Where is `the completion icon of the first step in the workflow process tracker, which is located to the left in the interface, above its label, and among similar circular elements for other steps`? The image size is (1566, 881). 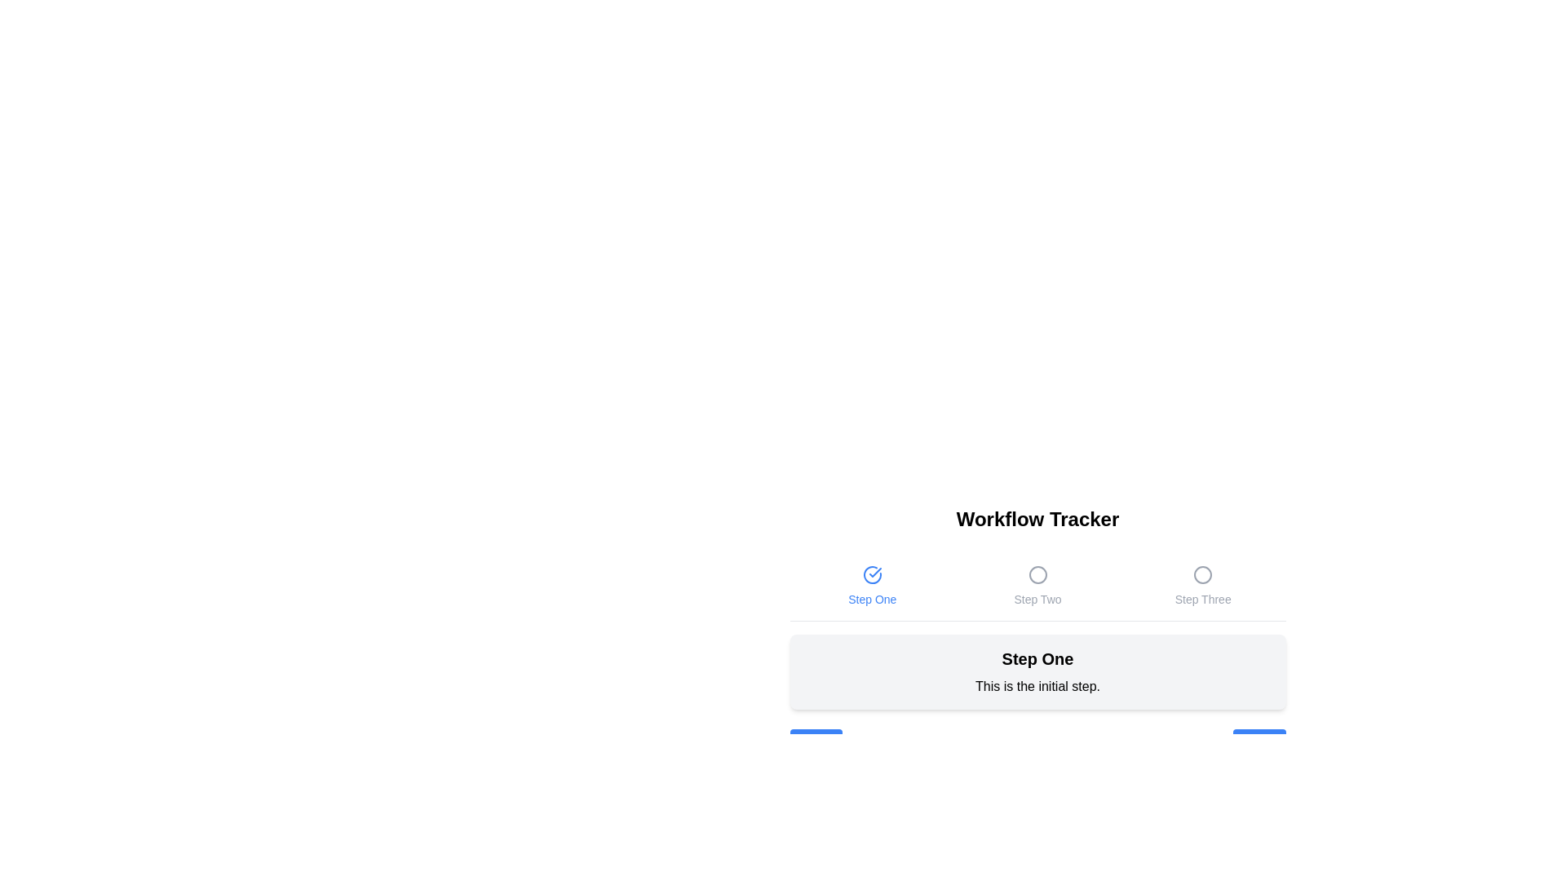
the completion icon of the first step in the workflow process tracker, which is located to the left in the interface, above its label, and among similar circular elements for other steps is located at coordinates (871, 574).